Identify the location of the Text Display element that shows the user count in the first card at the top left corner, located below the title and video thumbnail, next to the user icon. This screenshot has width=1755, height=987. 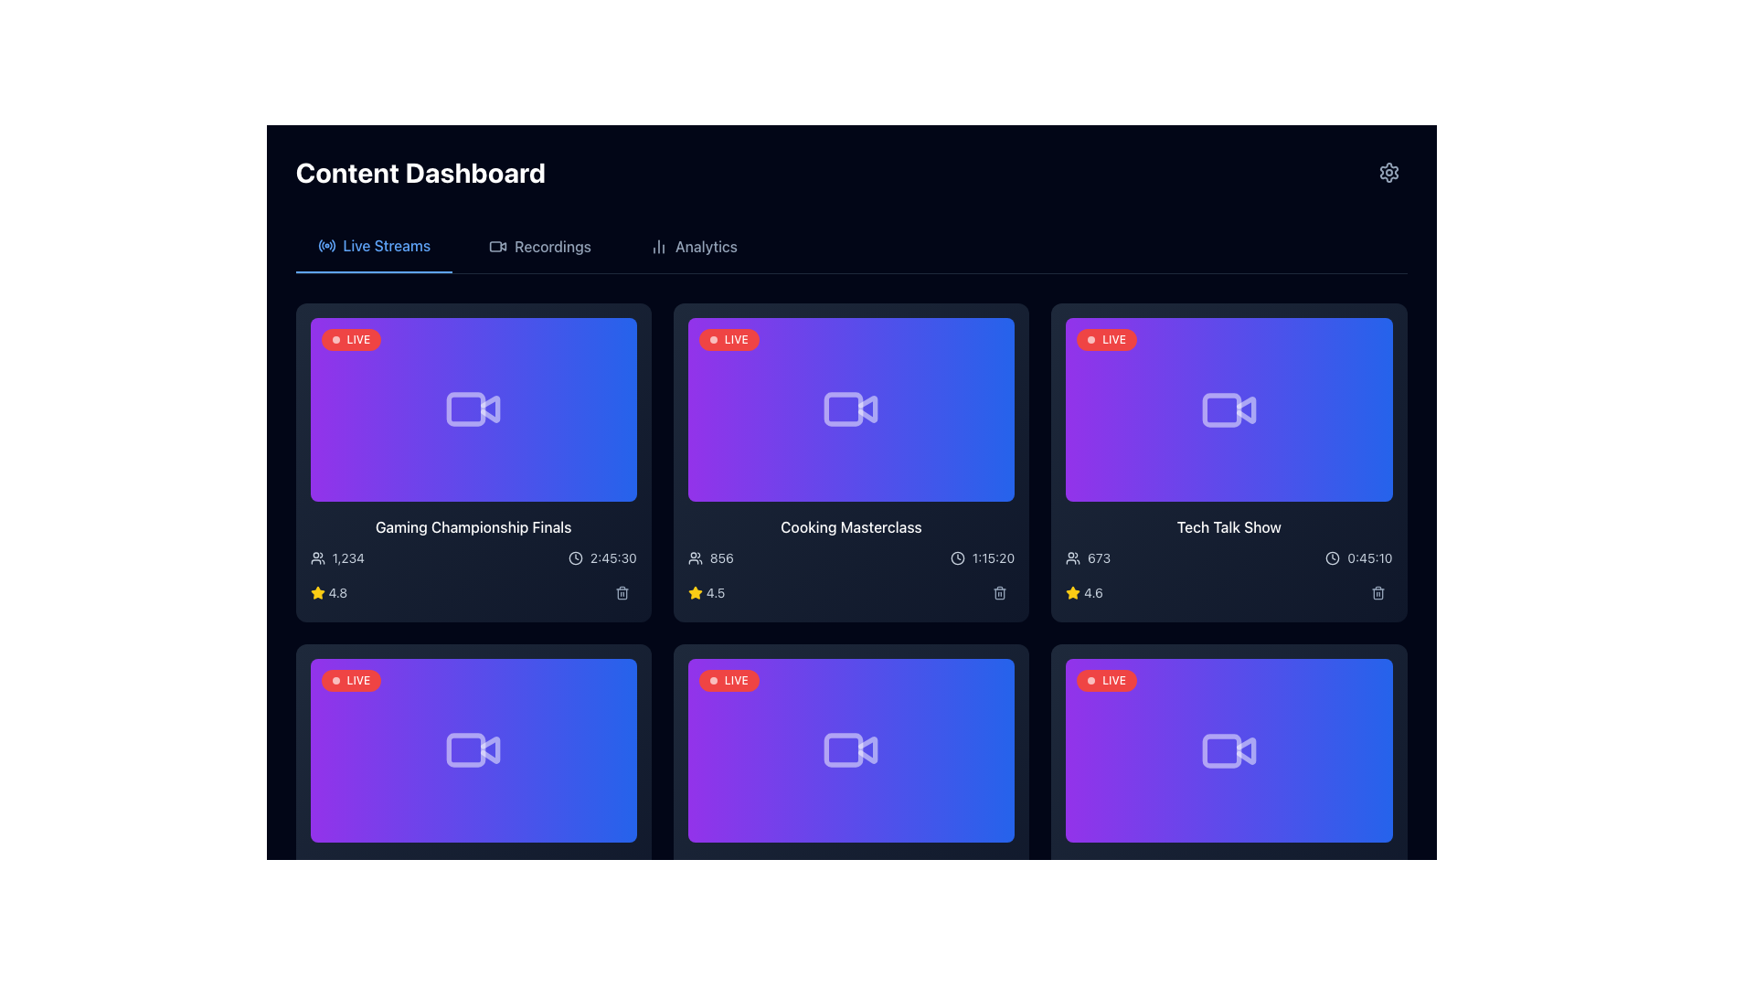
(348, 557).